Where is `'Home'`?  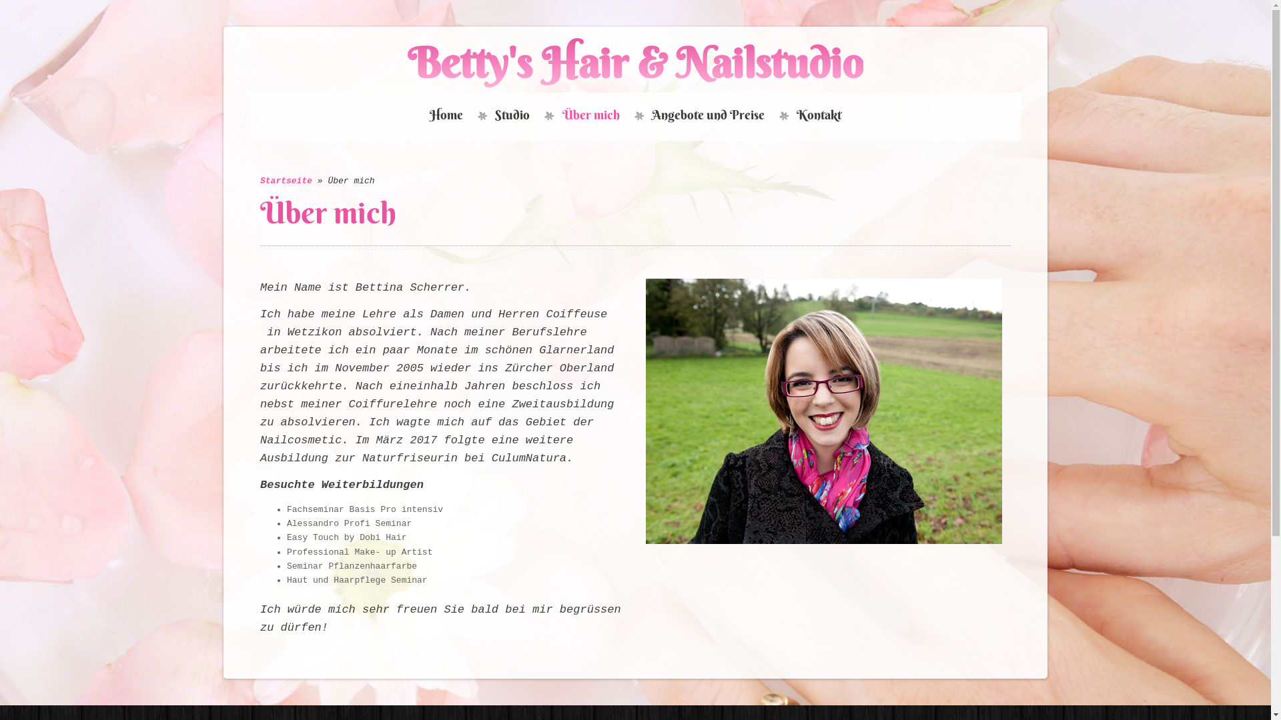 'Home' is located at coordinates (446, 115).